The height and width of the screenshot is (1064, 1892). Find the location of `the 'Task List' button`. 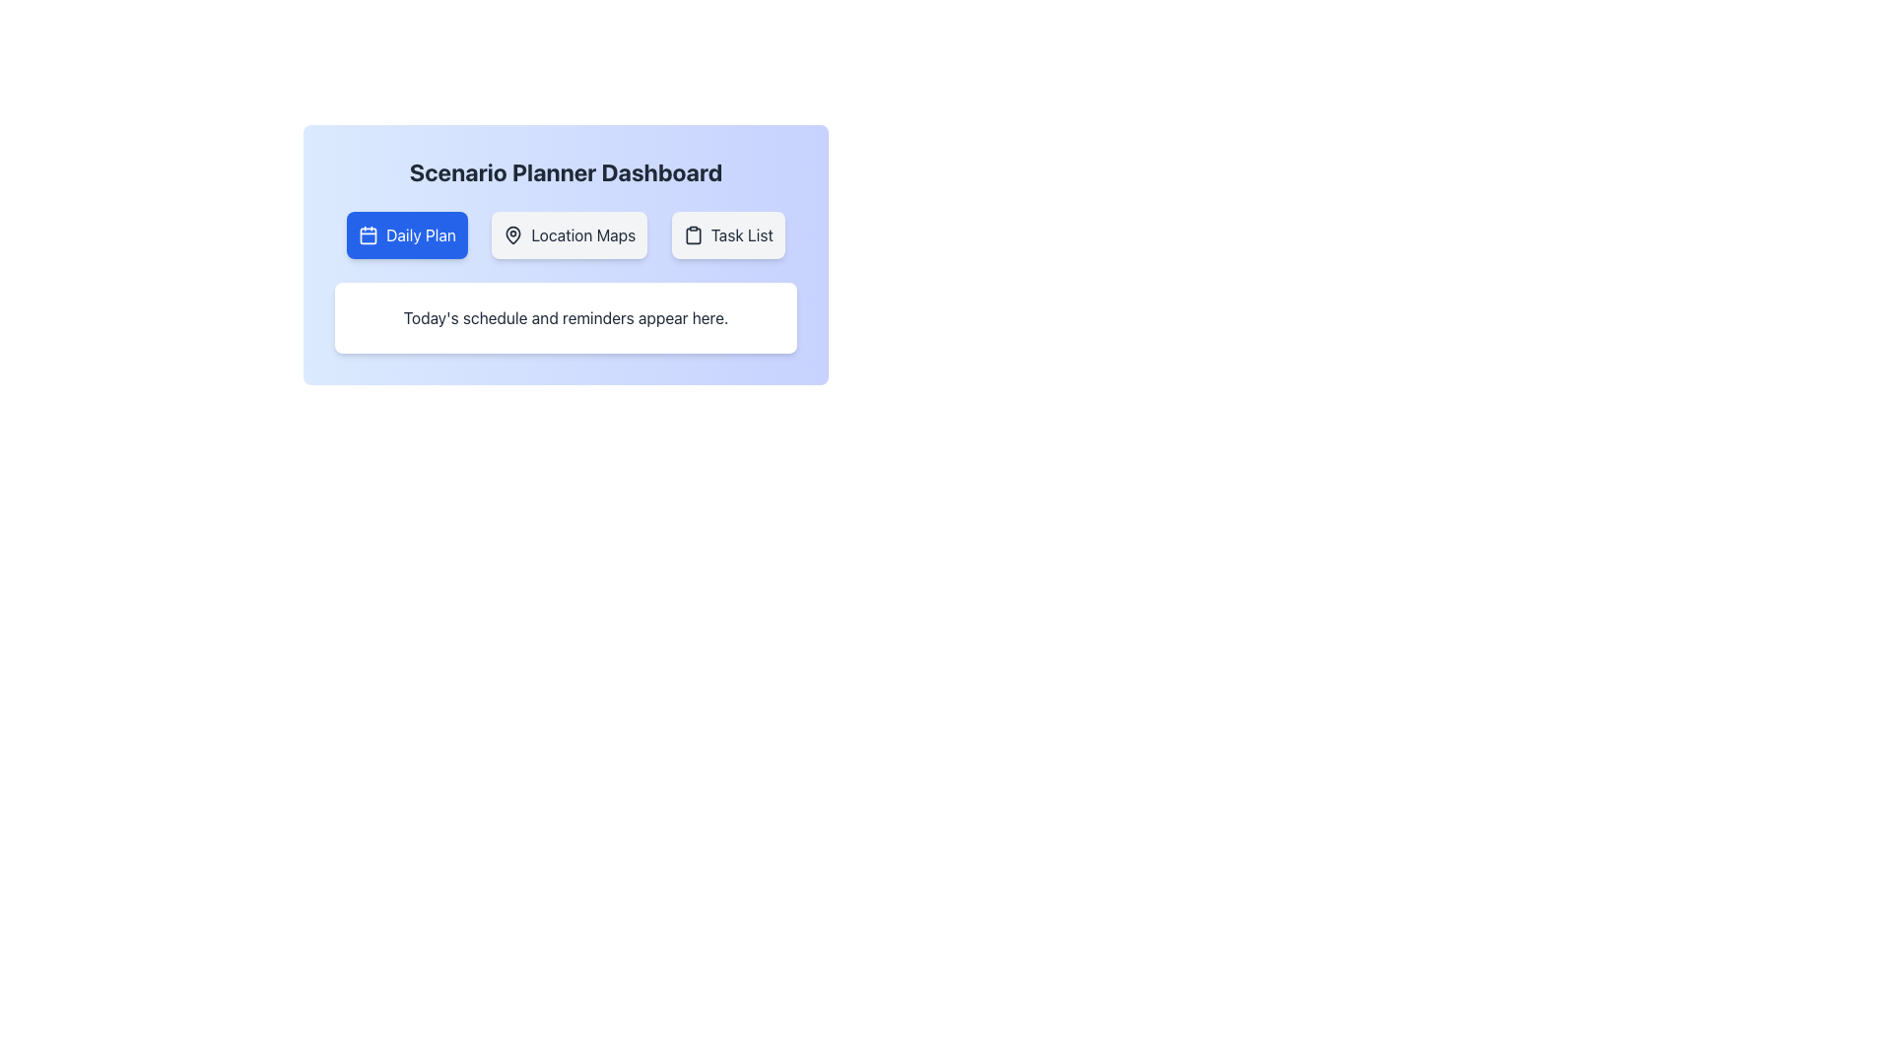

the 'Task List' button is located at coordinates (727, 234).